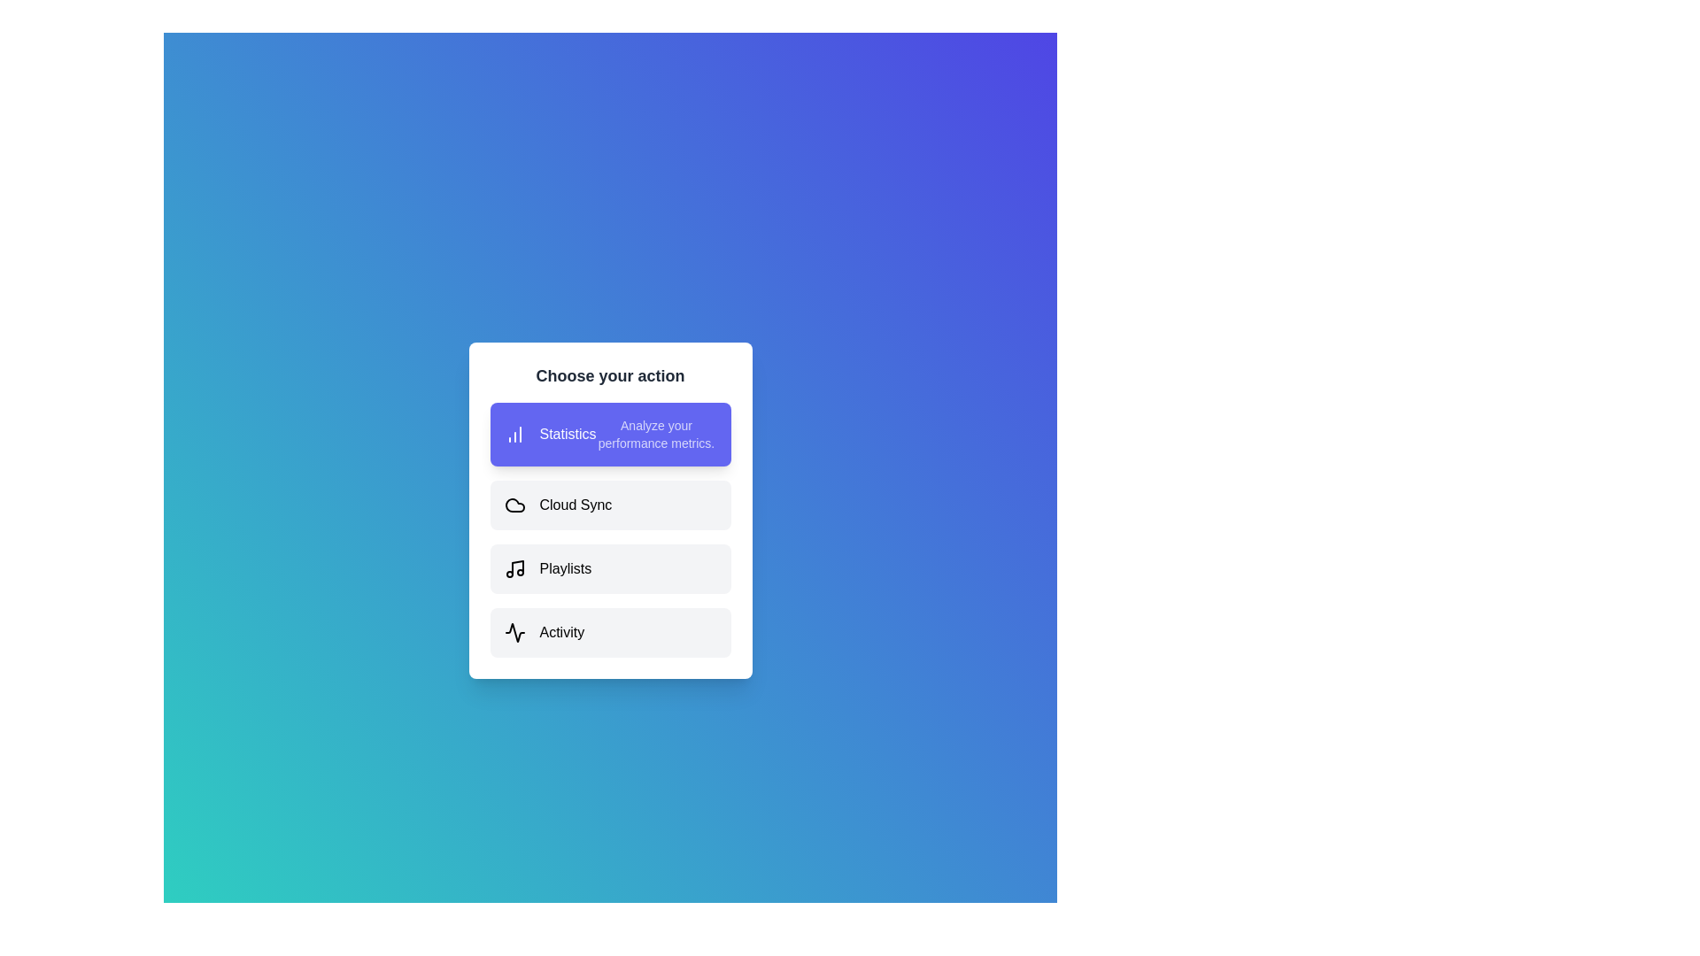 The image size is (1700, 956). What do you see at coordinates (610, 569) in the screenshot?
I see `the option Playlists to preview its description` at bounding box center [610, 569].